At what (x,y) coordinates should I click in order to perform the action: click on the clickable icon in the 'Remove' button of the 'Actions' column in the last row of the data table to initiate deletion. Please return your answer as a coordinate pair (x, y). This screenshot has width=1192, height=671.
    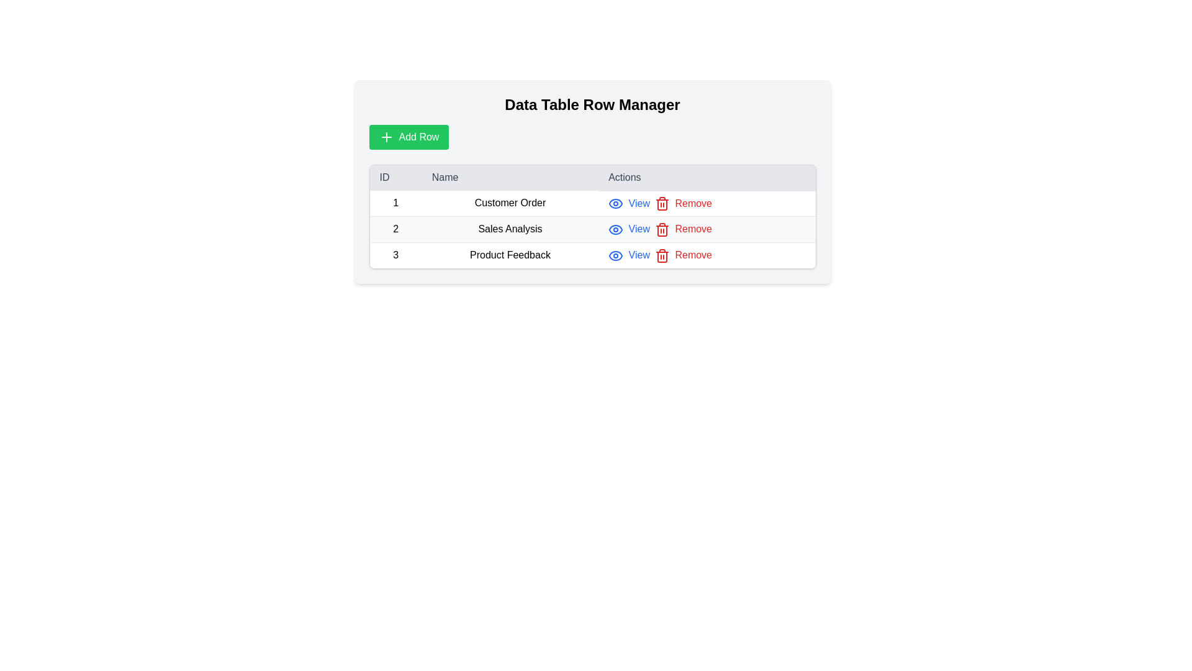
    Looking at the image, I should click on (661, 255).